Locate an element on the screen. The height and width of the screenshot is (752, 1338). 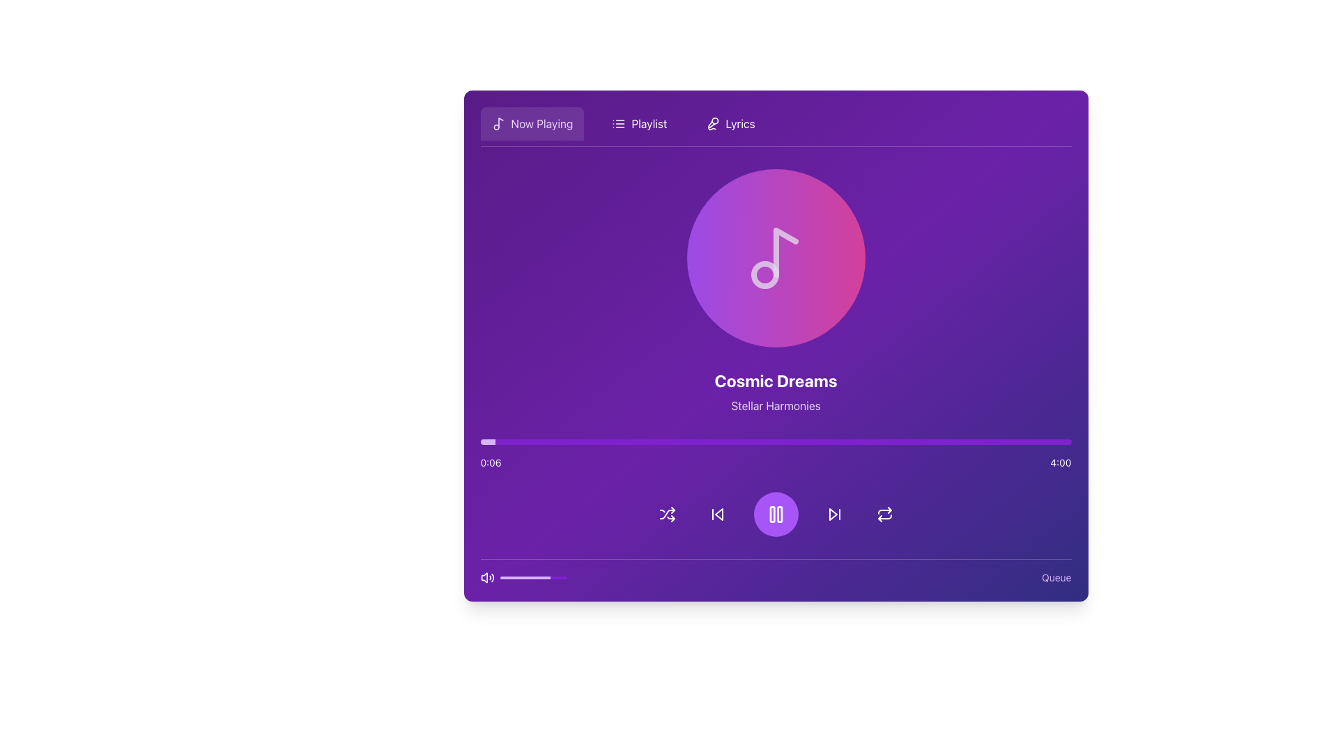
playback progress is located at coordinates (994, 442).